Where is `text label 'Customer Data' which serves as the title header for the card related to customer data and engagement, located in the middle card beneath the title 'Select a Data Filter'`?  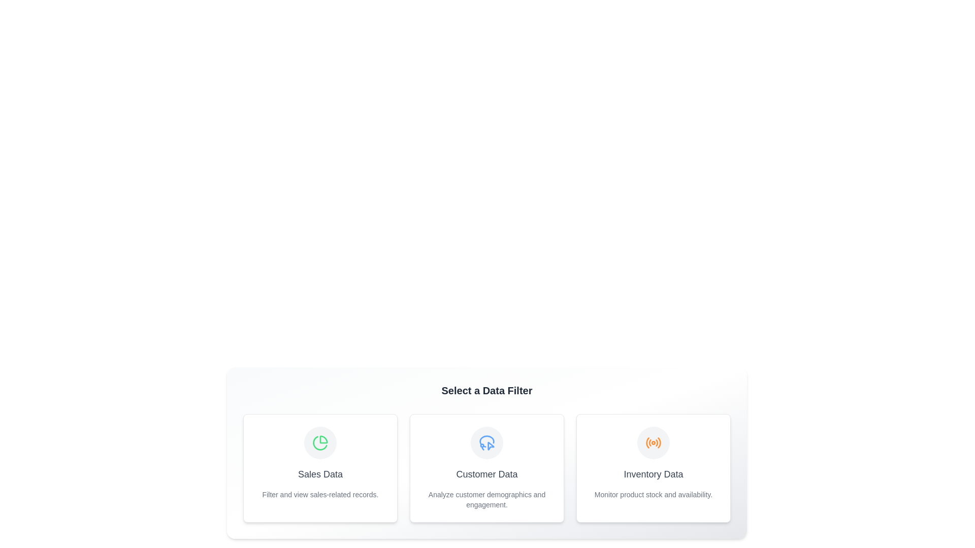 text label 'Customer Data' which serves as the title header for the card related to customer data and engagement, located in the middle card beneath the title 'Select a Data Filter' is located at coordinates (486, 474).